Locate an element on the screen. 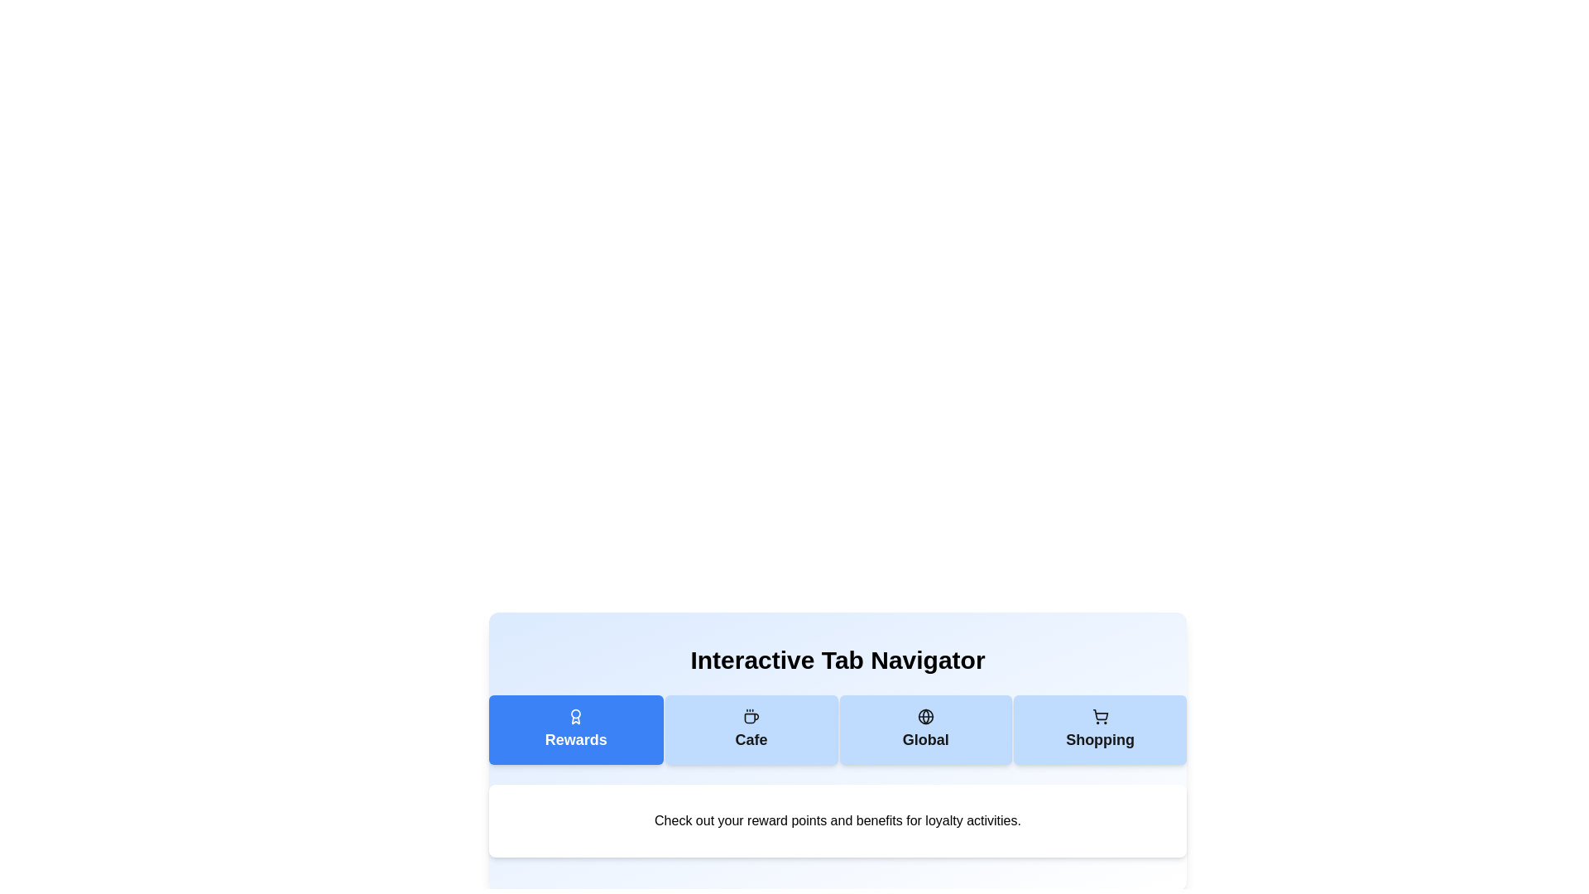  the tab labeled Cafe to observe its icon is located at coordinates (751, 729).